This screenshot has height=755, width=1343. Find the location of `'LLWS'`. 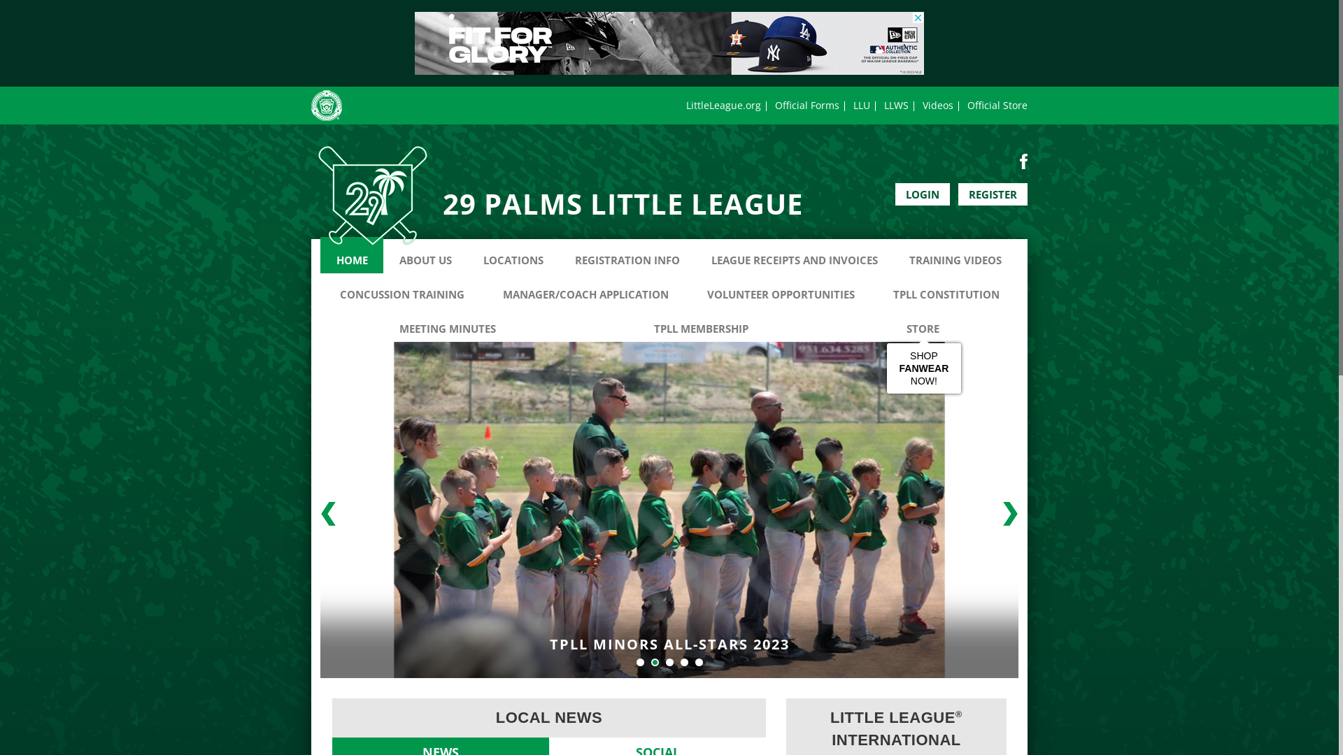

'LLWS' is located at coordinates (896, 104).